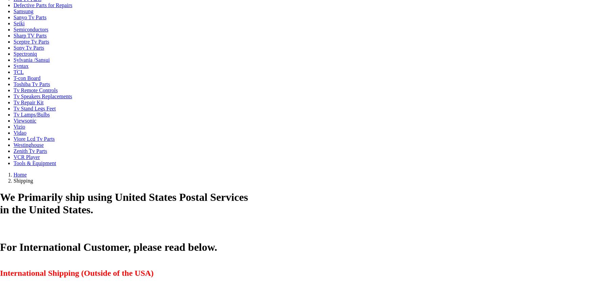  Describe the element at coordinates (46, 209) in the screenshot. I see `'in the United States.'` at that location.